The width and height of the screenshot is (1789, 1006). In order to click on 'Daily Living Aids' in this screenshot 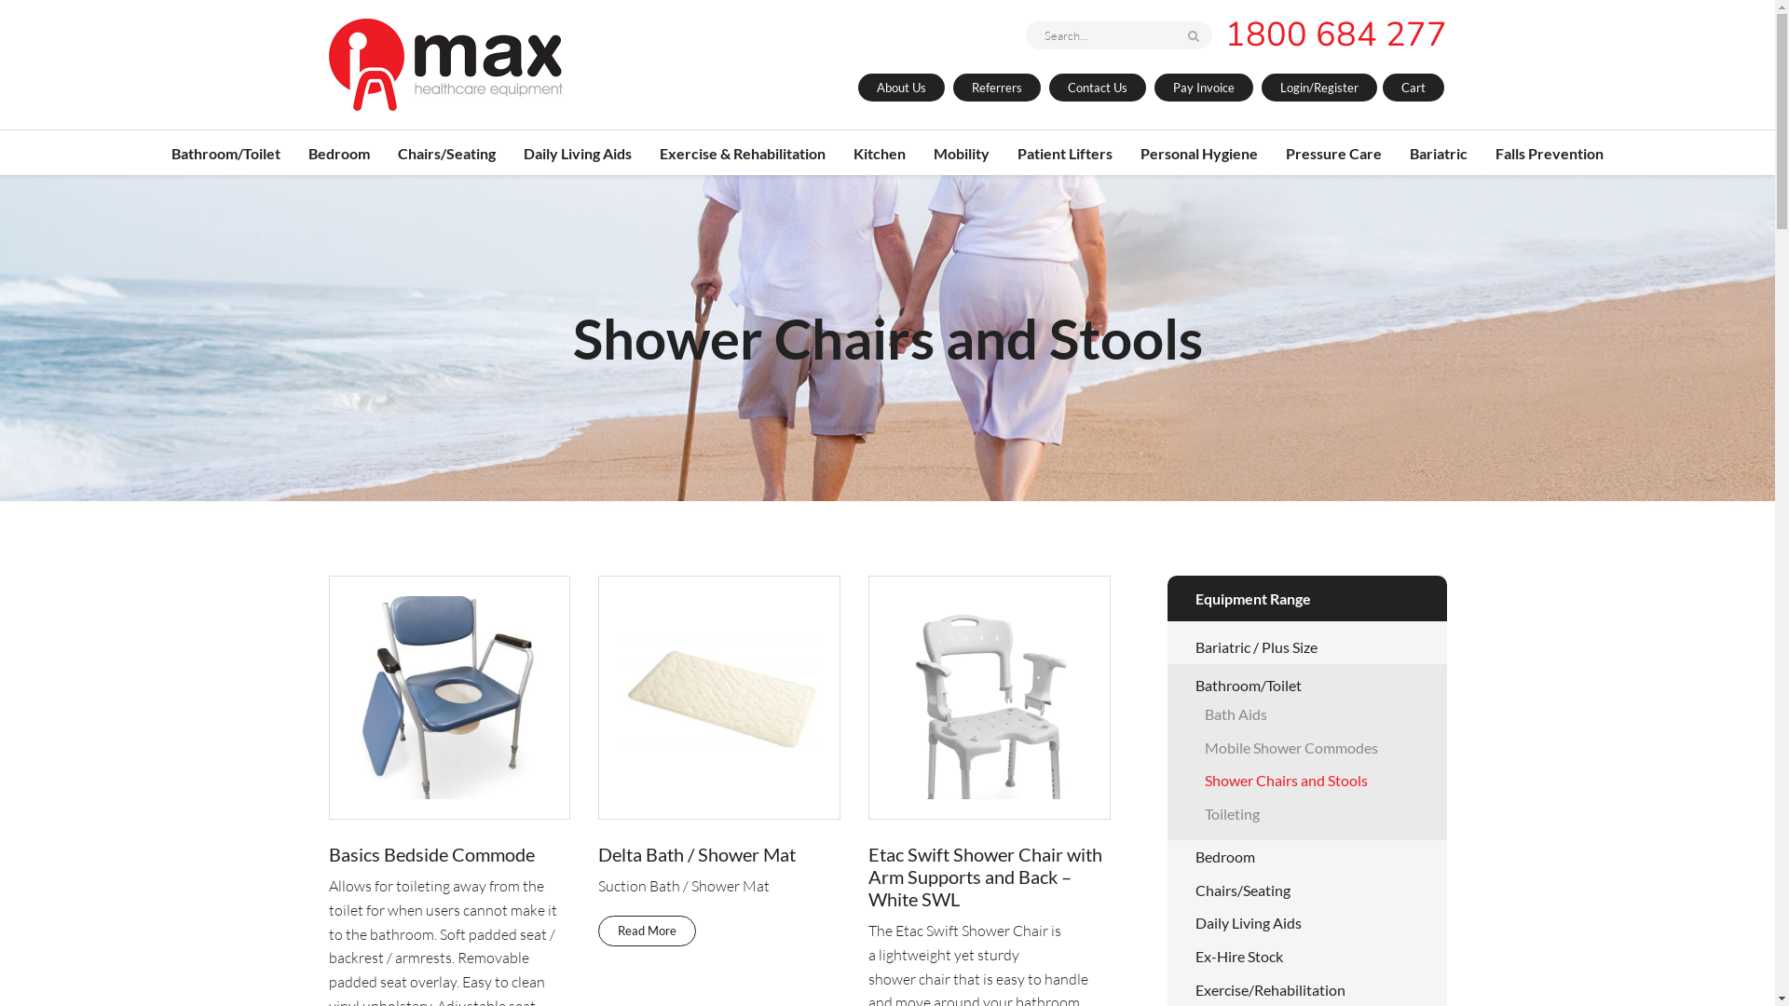, I will do `click(1194, 922)`.